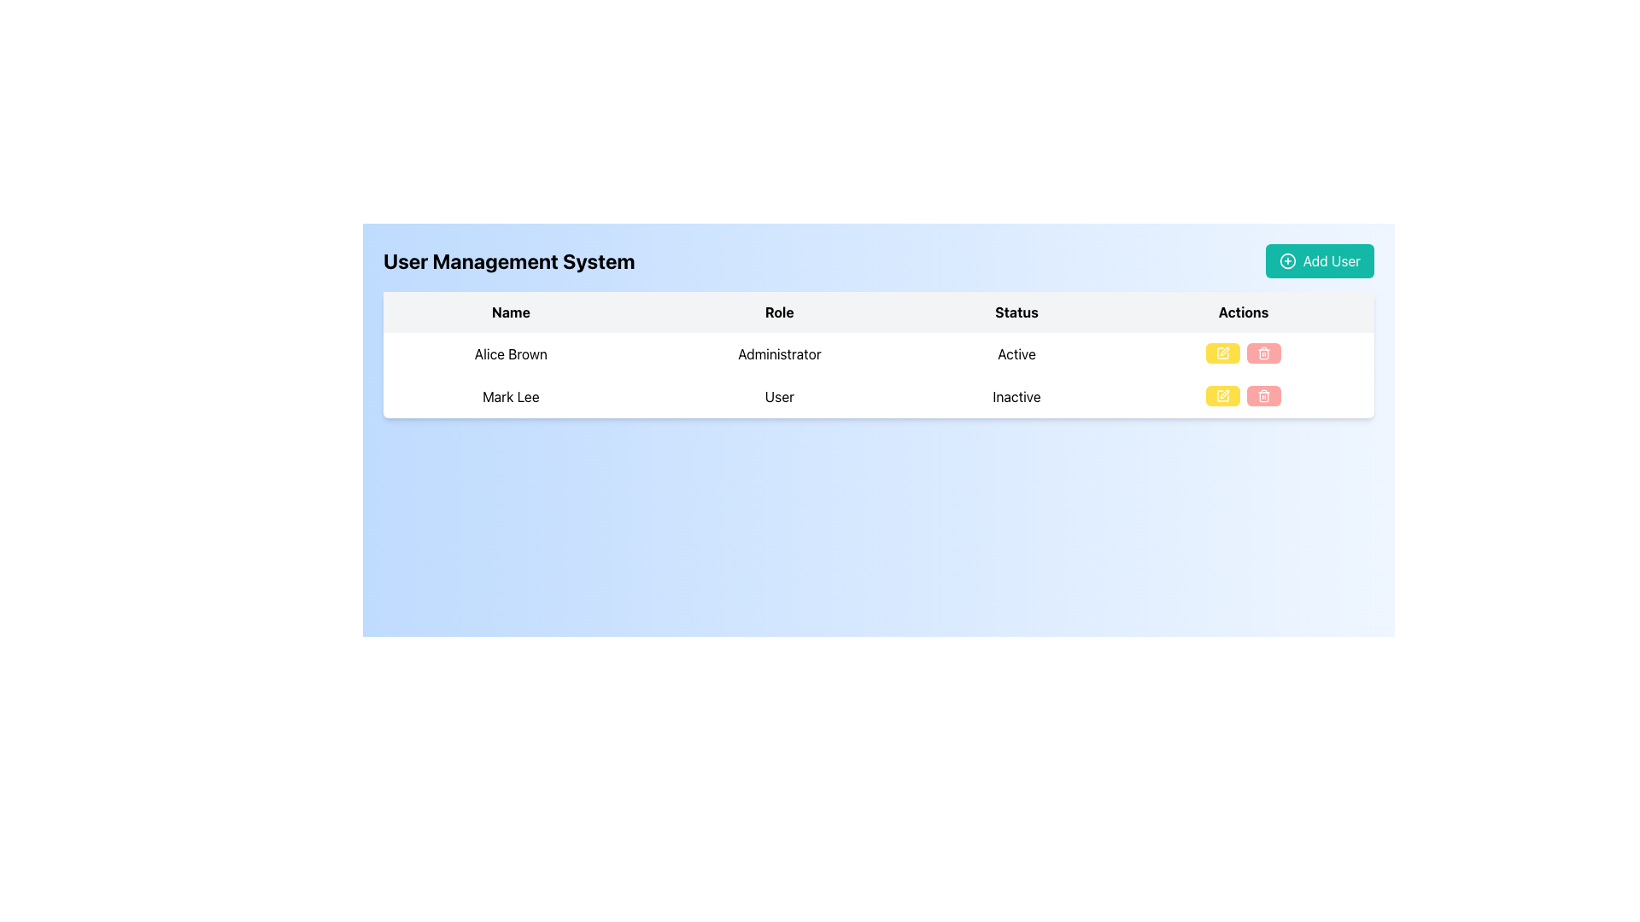 The image size is (1640, 922). I want to click on the text display showing 'Inactive' for user 'Mark Lee' in the Status column of the table, so click(1016, 397).